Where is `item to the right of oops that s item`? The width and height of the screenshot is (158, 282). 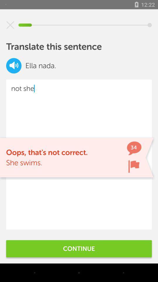
item to the right of oops that s item is located at coordinates (134, 166).